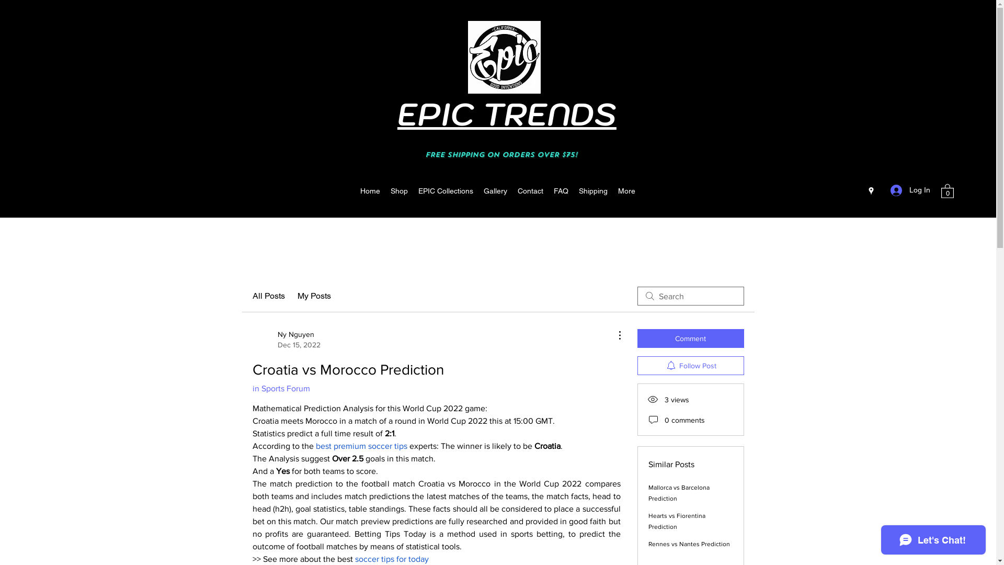 The height and width of the screenshot is (565, 1004). What do you see at coordinates (268, 296) in the screenshot?
I see `'All Posts'` at bounding box center [268, 296].